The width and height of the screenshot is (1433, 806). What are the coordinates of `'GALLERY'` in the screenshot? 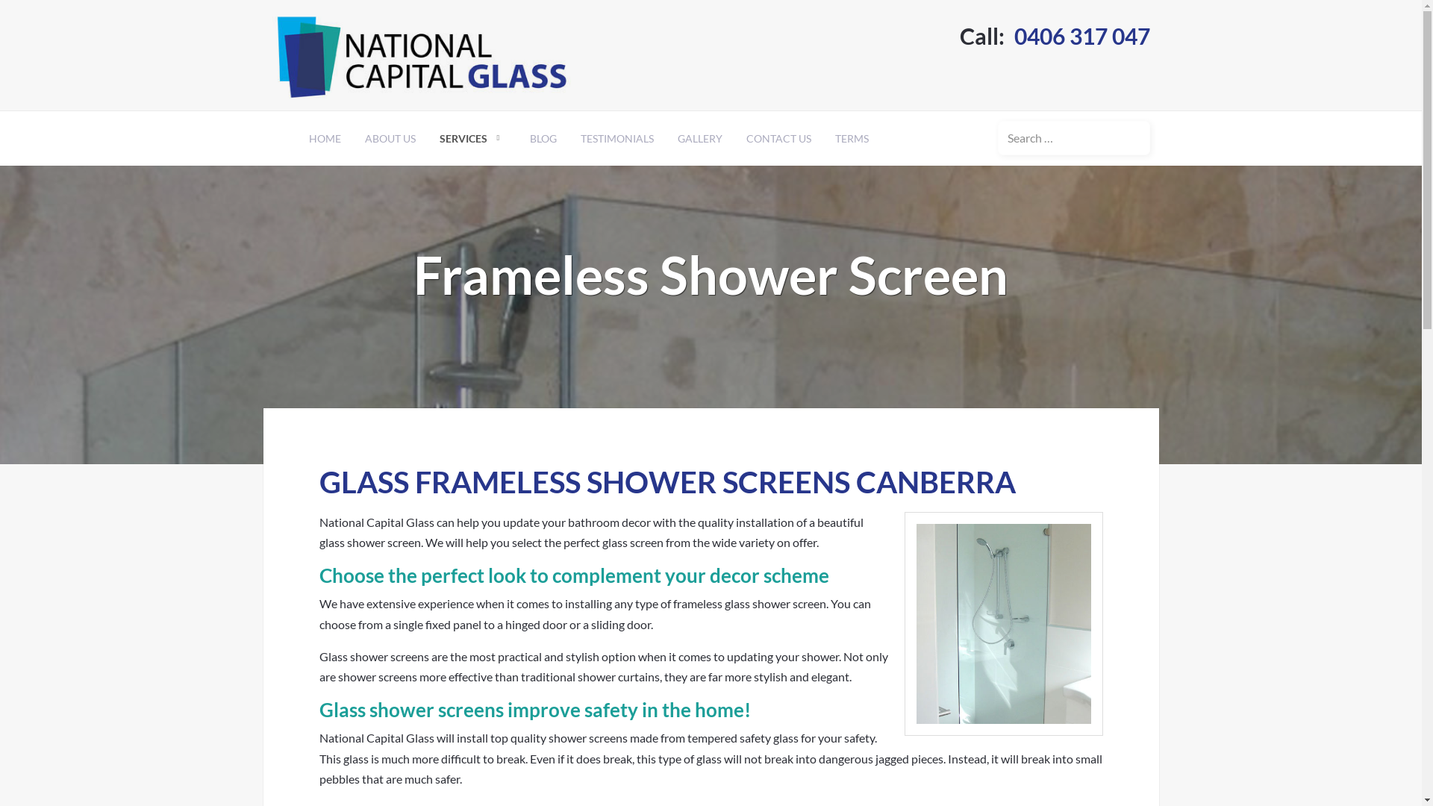 It's located at (699, 138).